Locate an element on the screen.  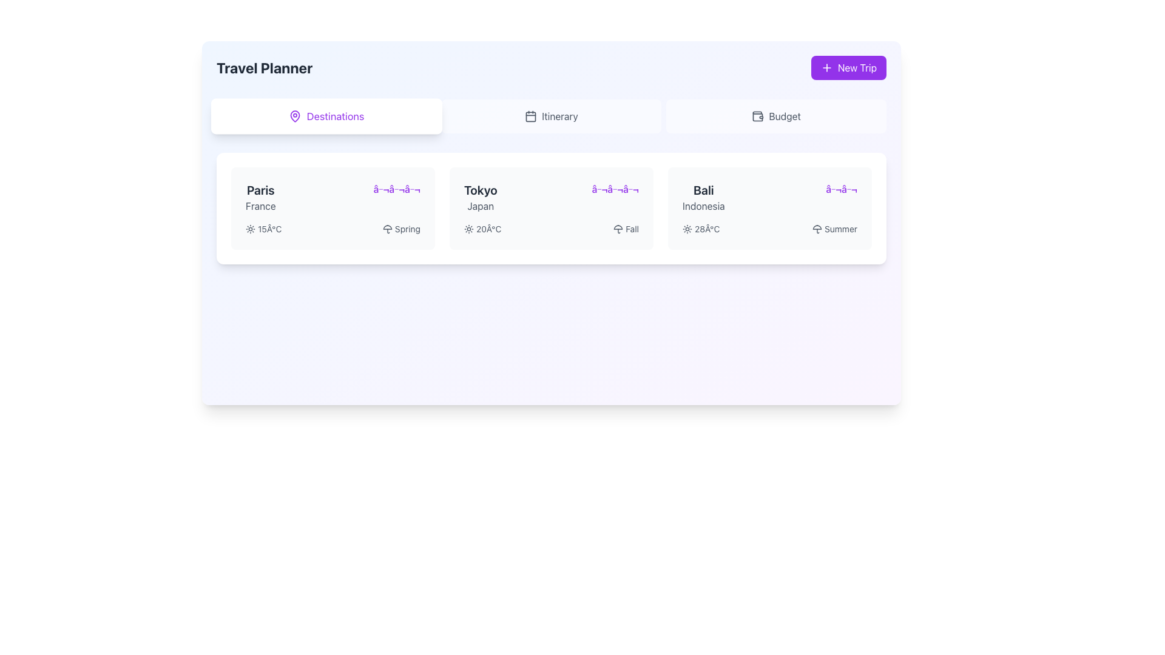
the 'Itinerary' button in the navigation bar is located at coordinates (550, 116).